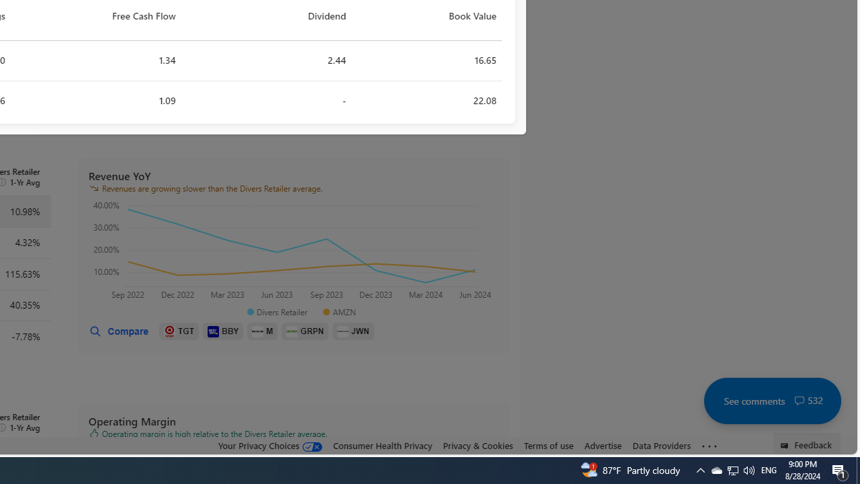 This screenshot has height=484, width=860. Describe the element at coordinates (806, 443) in the screenshot. I see `'Feedback'` at that location.